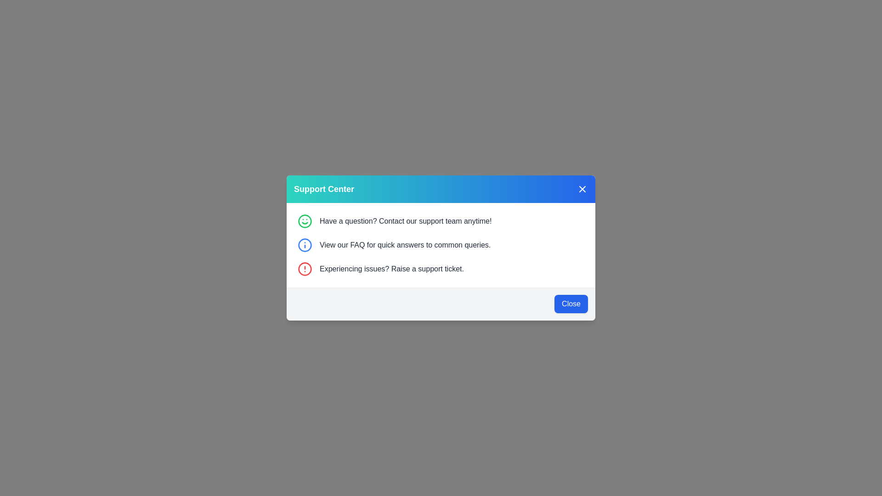 This screenshot has width=882, height=496. I want to click on the close button with an 'X' icon on the blue background located at the top-right corner of the 'Support Center' modal for keyboard navigation, so click(582, 189).